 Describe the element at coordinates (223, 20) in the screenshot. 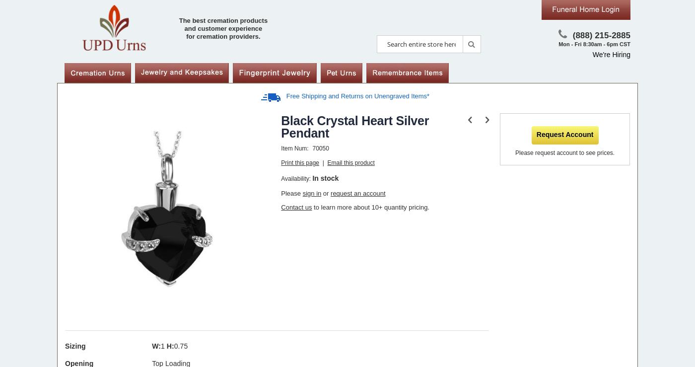

I see `'The best cremation products'` at that location.